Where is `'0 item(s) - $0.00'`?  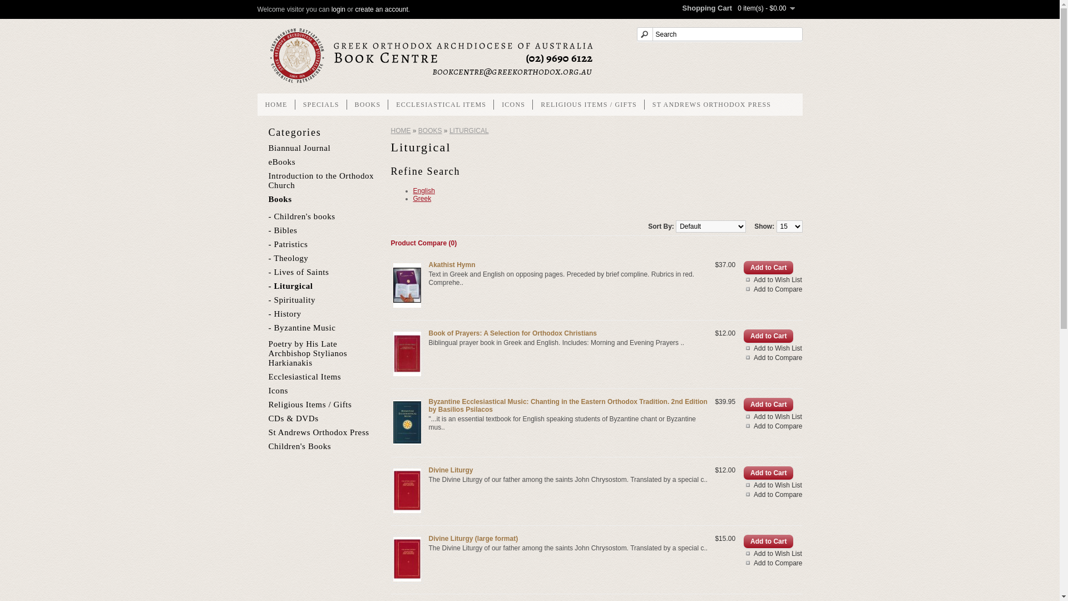 '0 item(s) - $0.00' is located at coordinates (765, 8).